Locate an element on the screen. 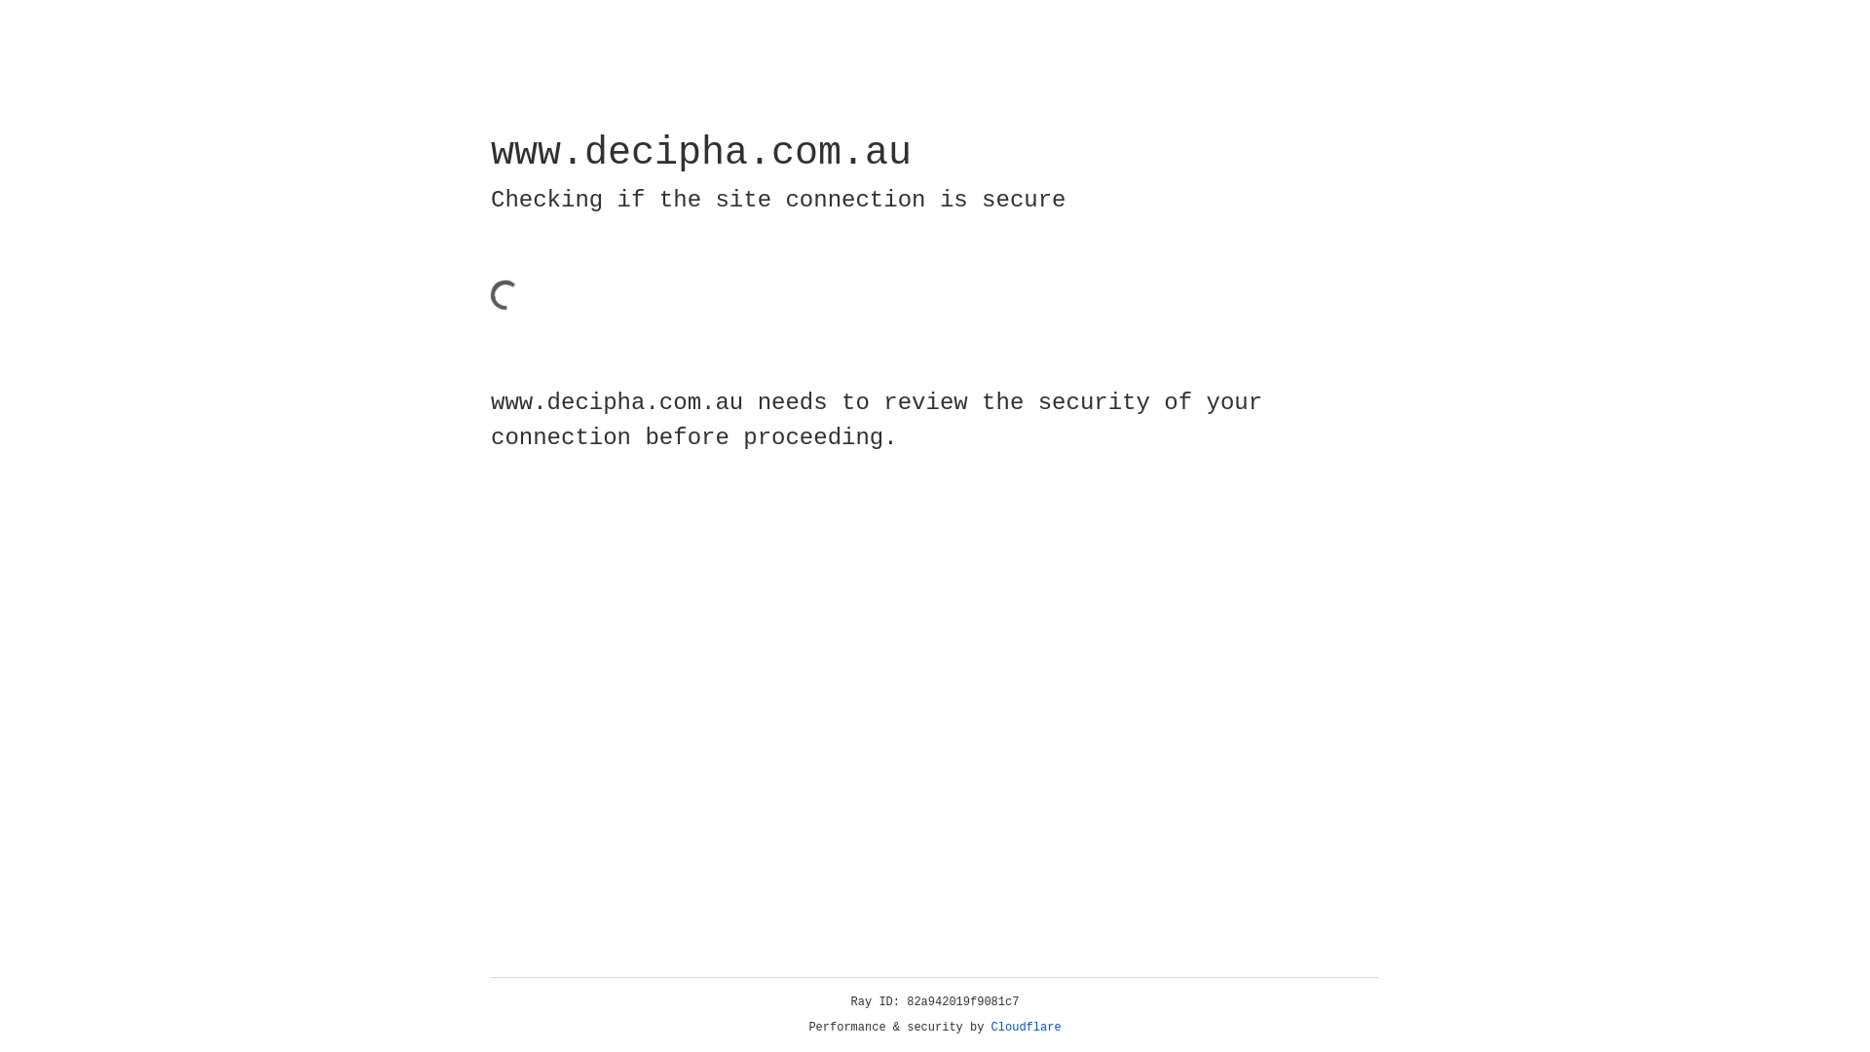 The image size is (1870, 1052). 'Cloudflare' is located at coordinates (1026, 1027).